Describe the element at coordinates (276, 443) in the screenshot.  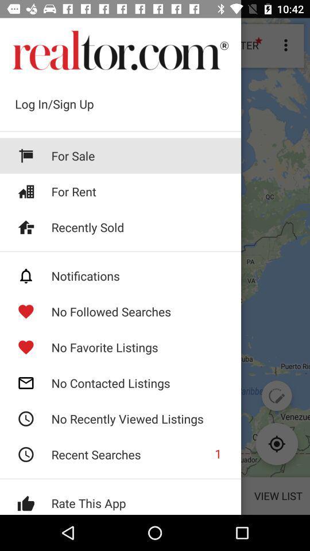
I see `the location_crosshair icon` at that location.